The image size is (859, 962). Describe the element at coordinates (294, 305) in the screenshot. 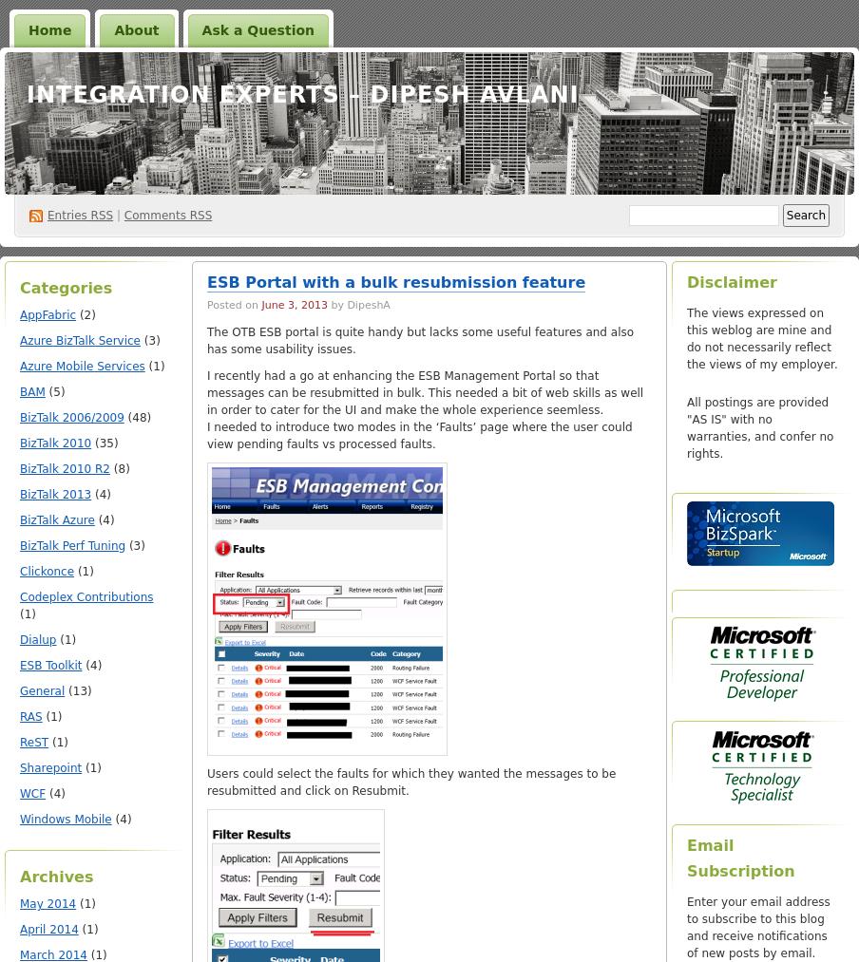

I see `'June 3, 2013'` at that location.